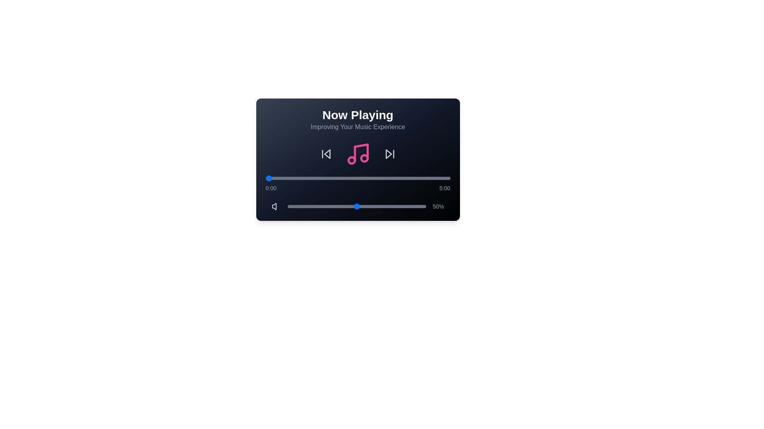 The width and height of the screenshot is (764, 429). What do you see at coordinates (428, 178) in the screenshot?
I see `the playback progress to 265 seconds` at bounding box center [428, 178].